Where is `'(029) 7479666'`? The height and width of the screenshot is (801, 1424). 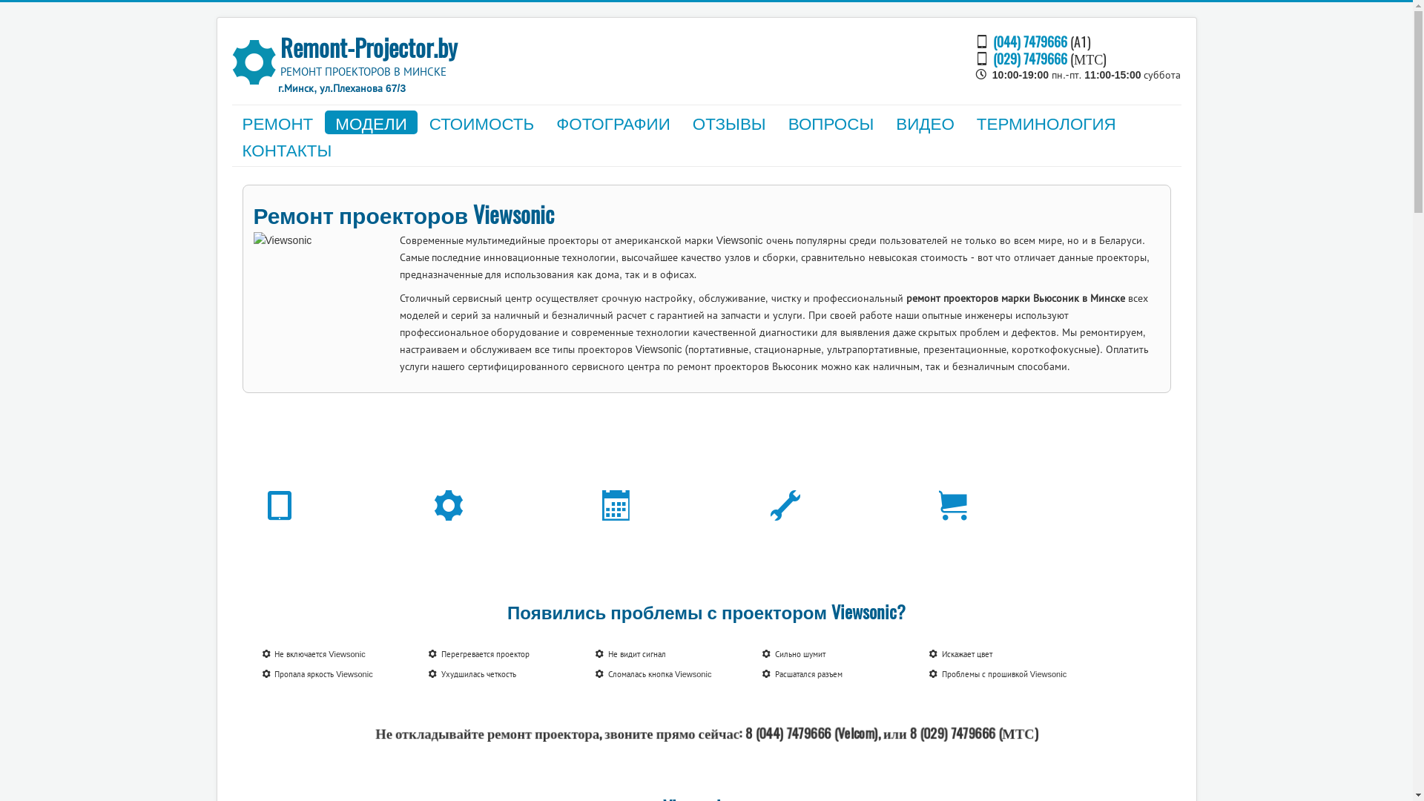
'(029) 7479666' is located at coordinates (993, 57).